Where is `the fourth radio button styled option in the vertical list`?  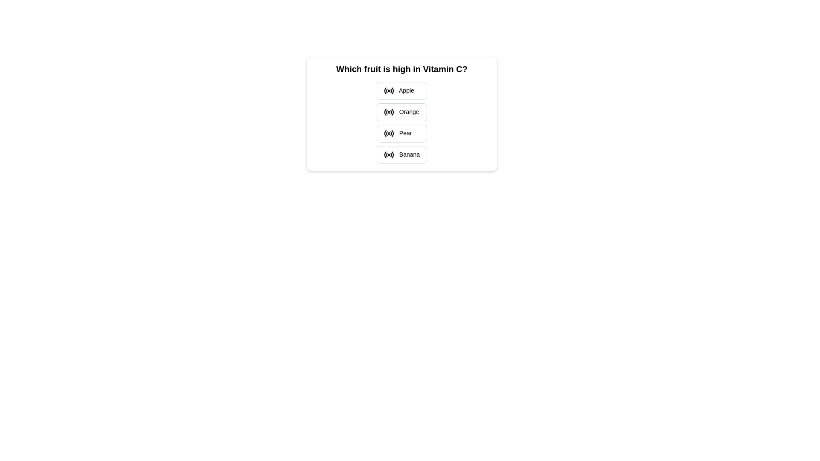
the fourth radio button styled option in the vertical list is located at coordinates (401, 155).